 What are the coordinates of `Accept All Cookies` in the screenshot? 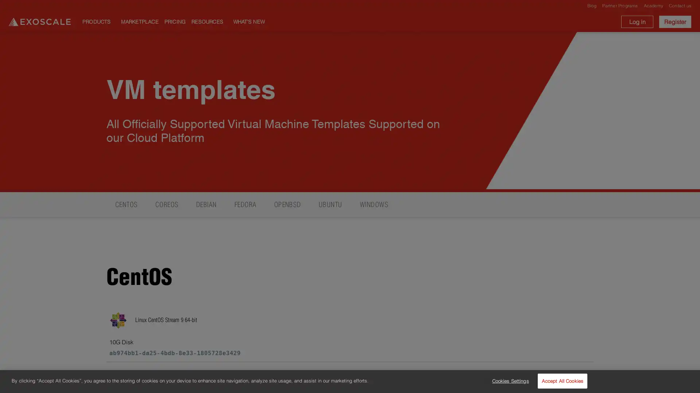 It's located at (562, 380).